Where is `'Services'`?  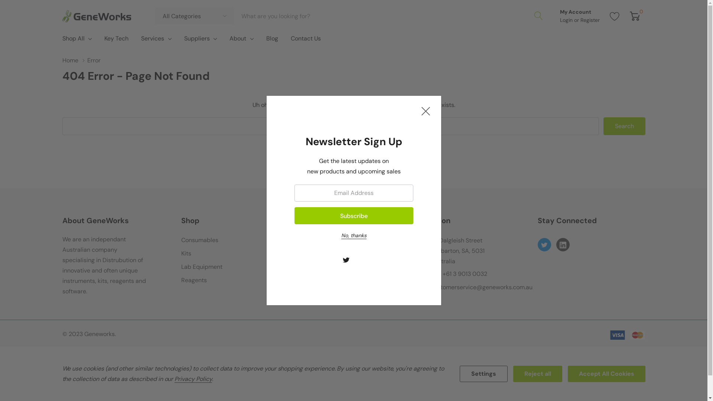 'Services' is located at coordinates (152, 39).